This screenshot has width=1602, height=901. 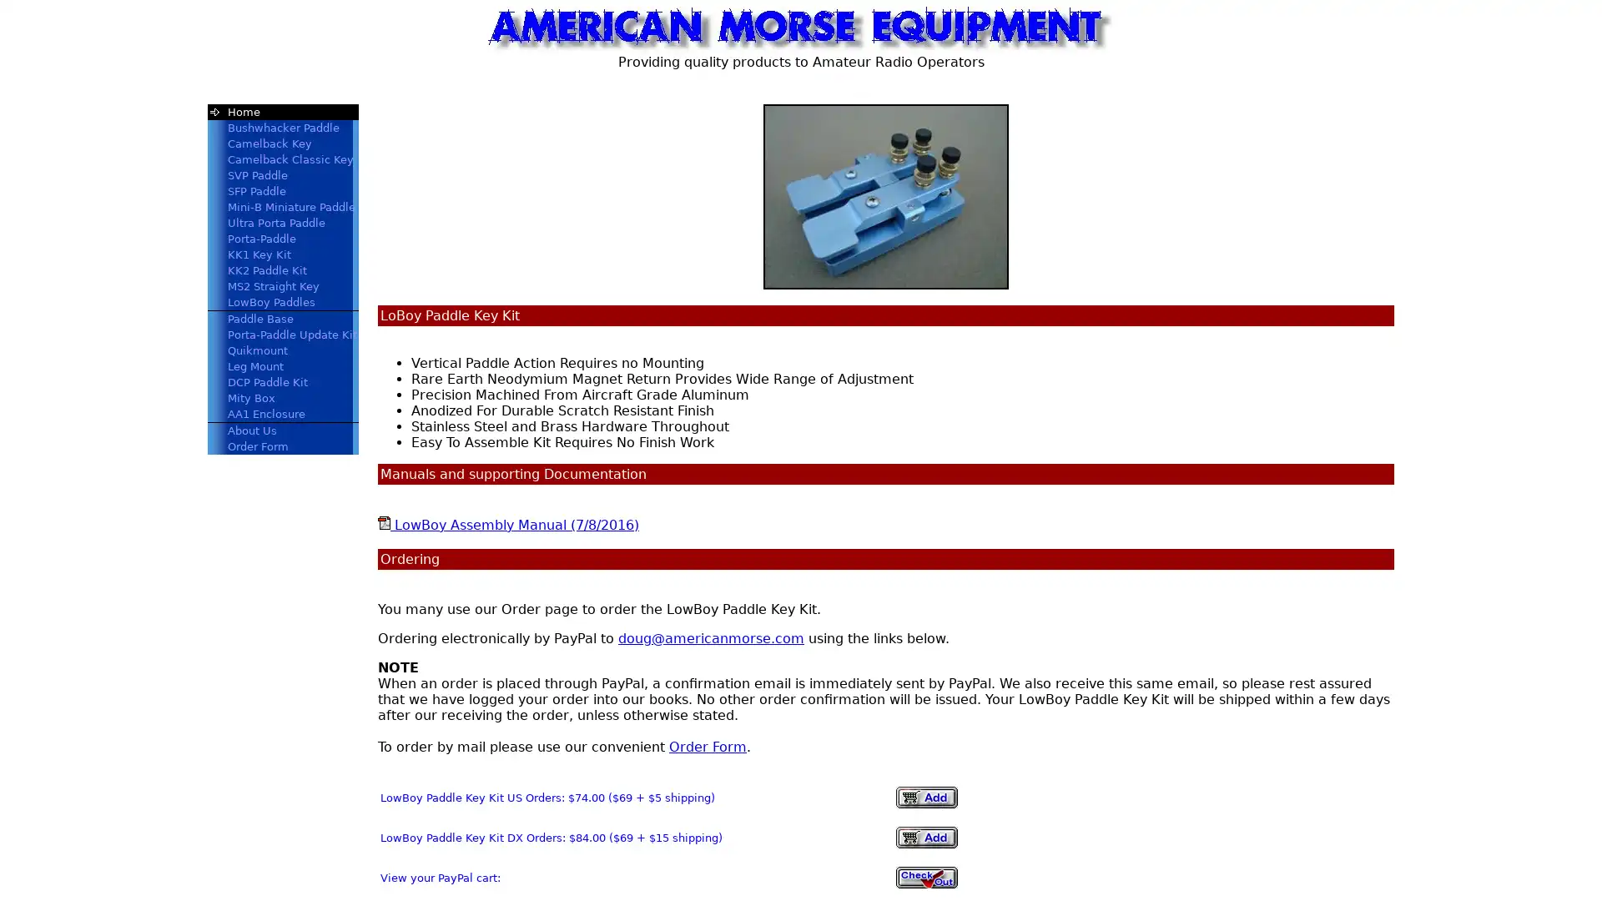 What do you see at coordinates (925, 797) in the screenshot?
I see `Make payments with PayPal - it's fast, free and secure!` at bounding box center [925, 797].